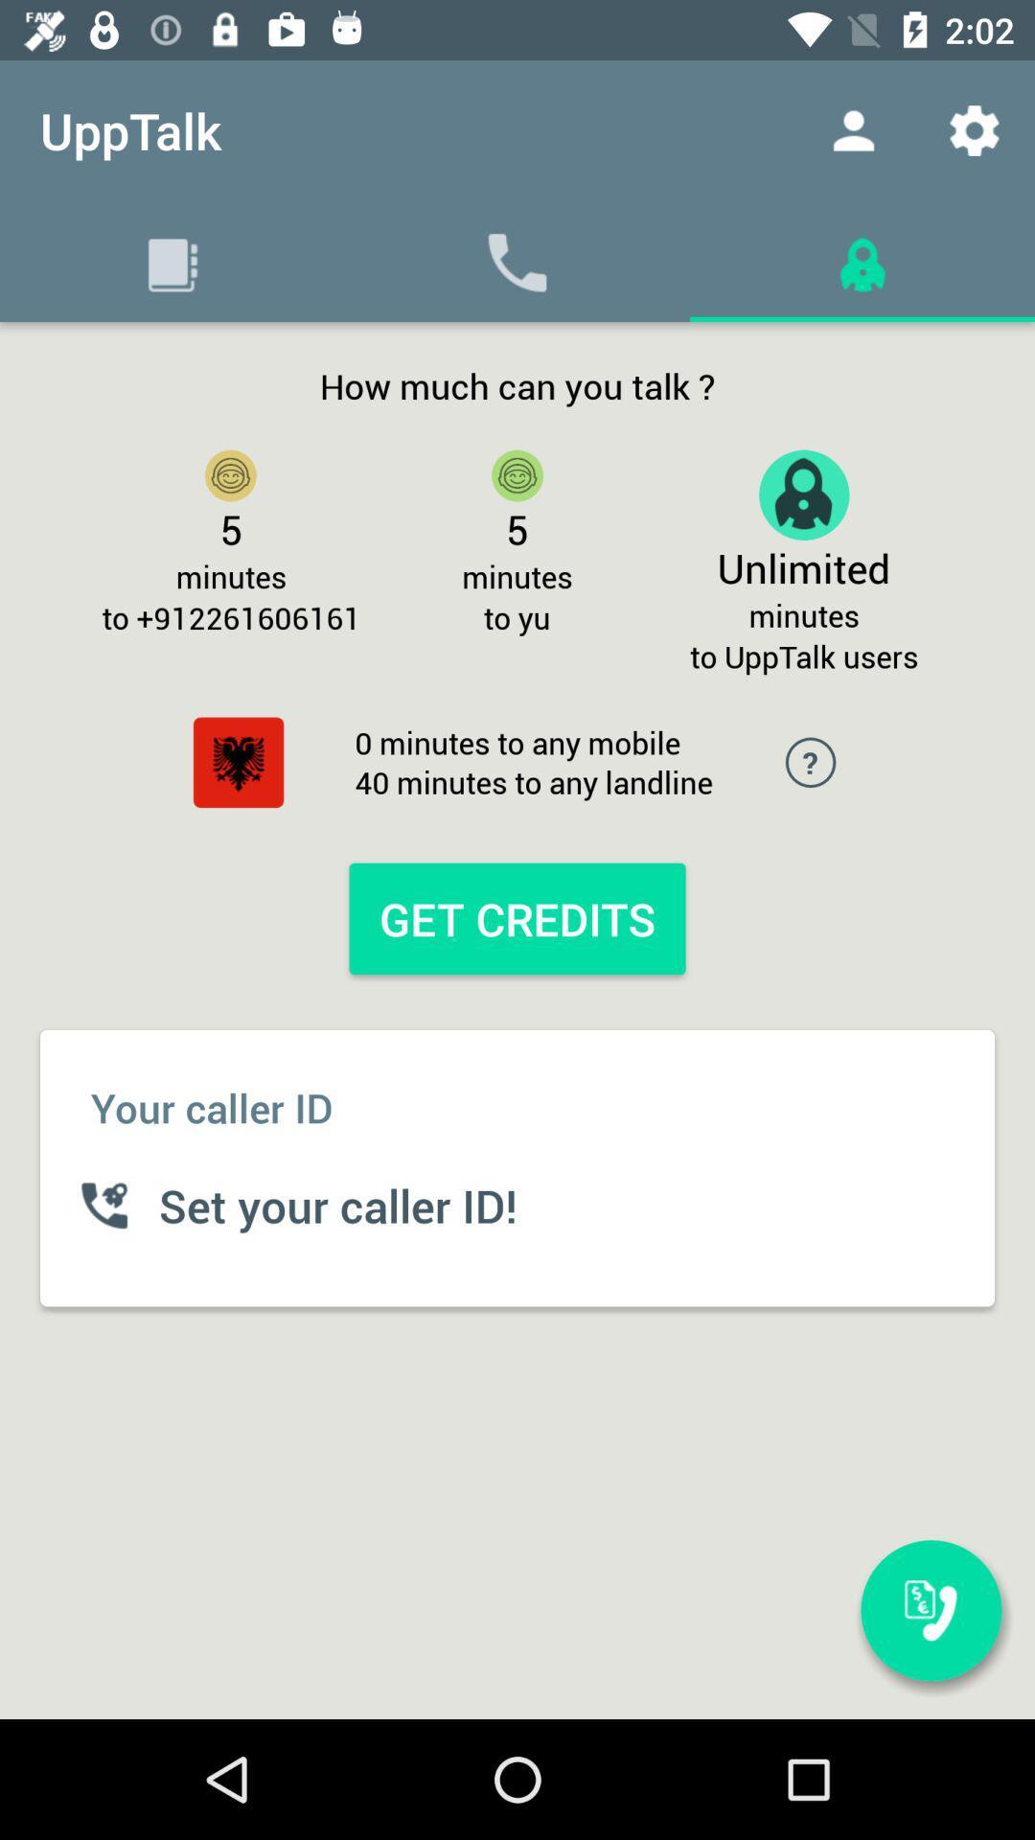 The width and height of the screenshot is (1035, 1840). Describe the element at coordinates (238, 761) in the screenshot. I see `item to the left of the 0 minutes to item` at that location.